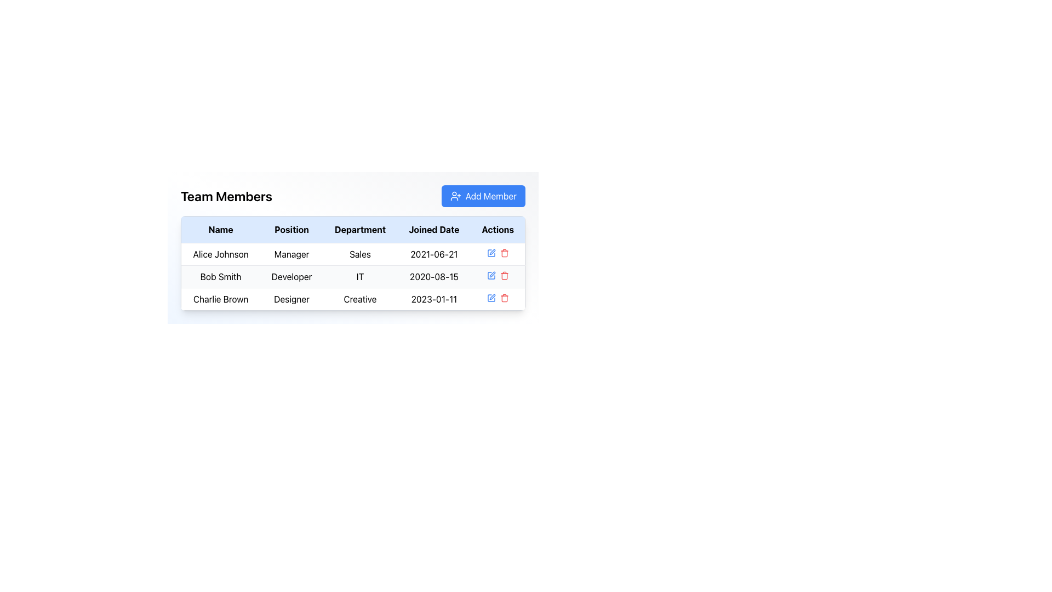 This screenshot has width=1052, height=592. What do you see at coordinates (360, 299) in the screenshot?
I see `the text label displaying 'Creative' in the 'Department' column for the row corresponding to 'Charlie Brown'` at bounding box center [360, 299].